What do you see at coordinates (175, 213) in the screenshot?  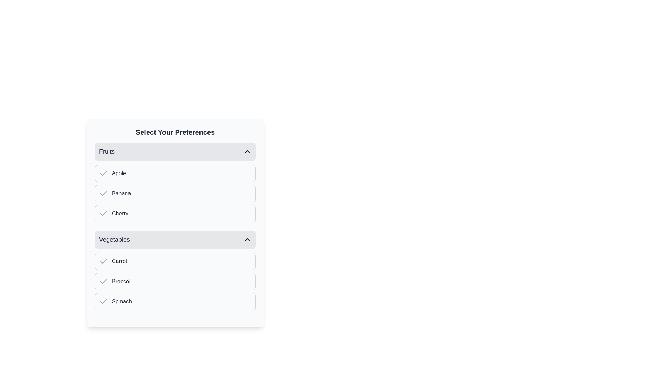 I see `the List Option Item displaying 'Cherry', which is the third item in the Fruits section of the vertically arranged list` at bounding box center [175, 213].